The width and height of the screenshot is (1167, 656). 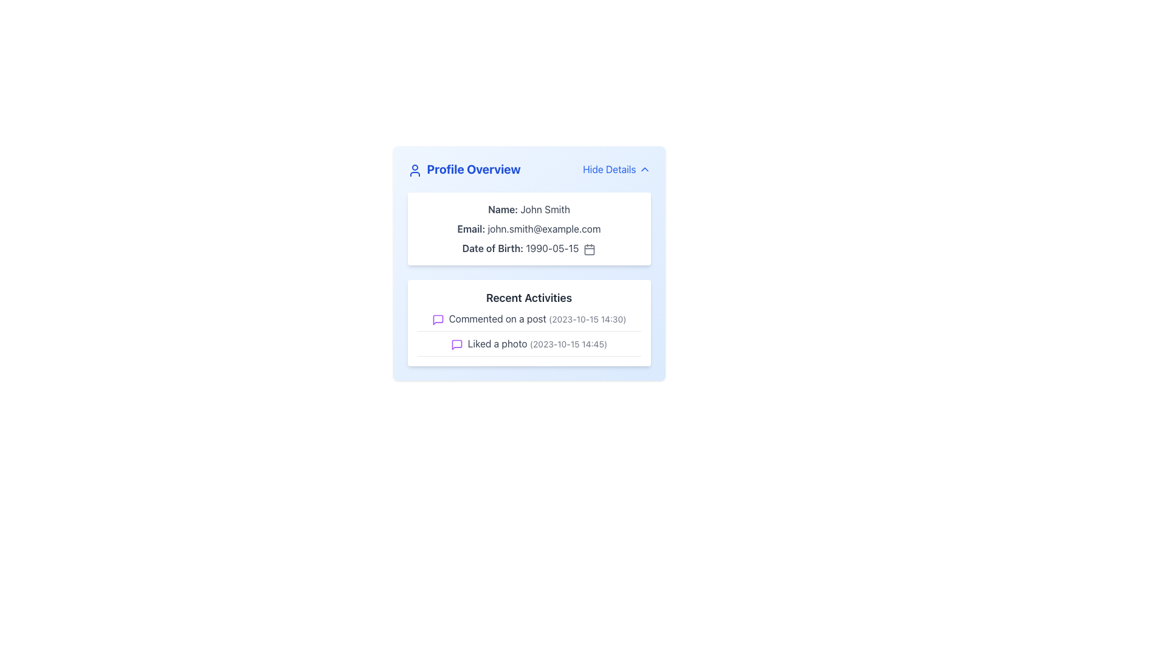 What do you see at coordinates (492, 247) in the screenshot?
I see `bolded text label that says 'Date of Birth:' located above the user's date of birth value in the profile card` at bounding box center [492, 247].